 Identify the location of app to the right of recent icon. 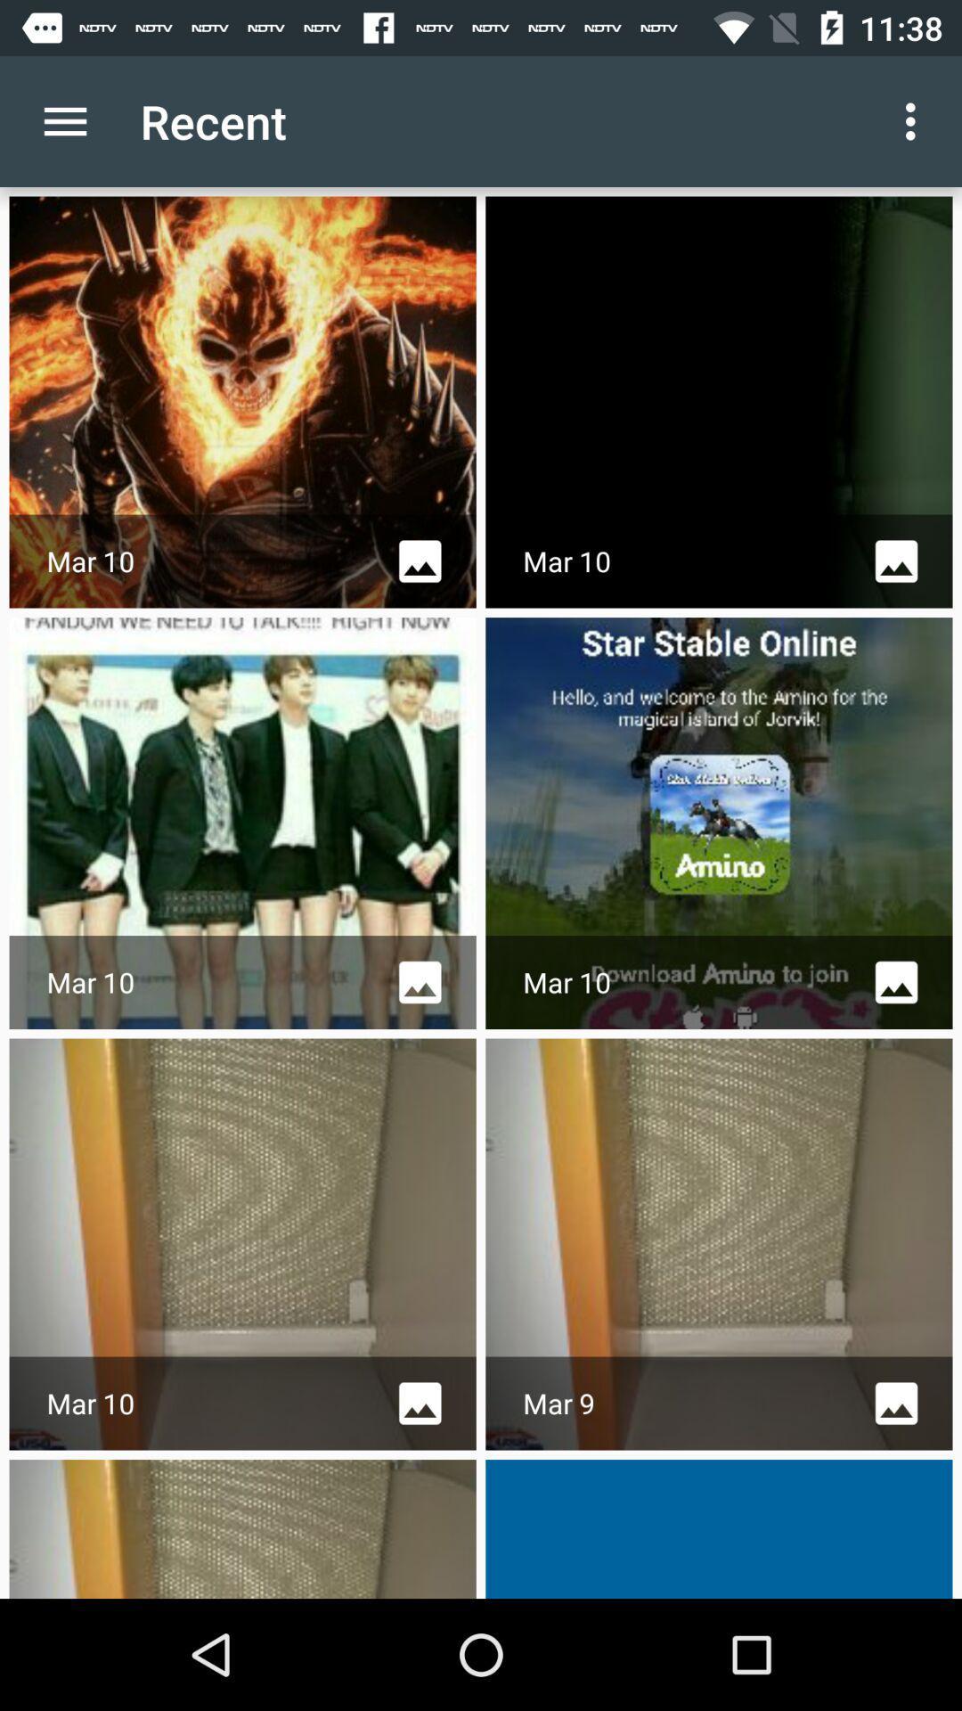
(915, 120).